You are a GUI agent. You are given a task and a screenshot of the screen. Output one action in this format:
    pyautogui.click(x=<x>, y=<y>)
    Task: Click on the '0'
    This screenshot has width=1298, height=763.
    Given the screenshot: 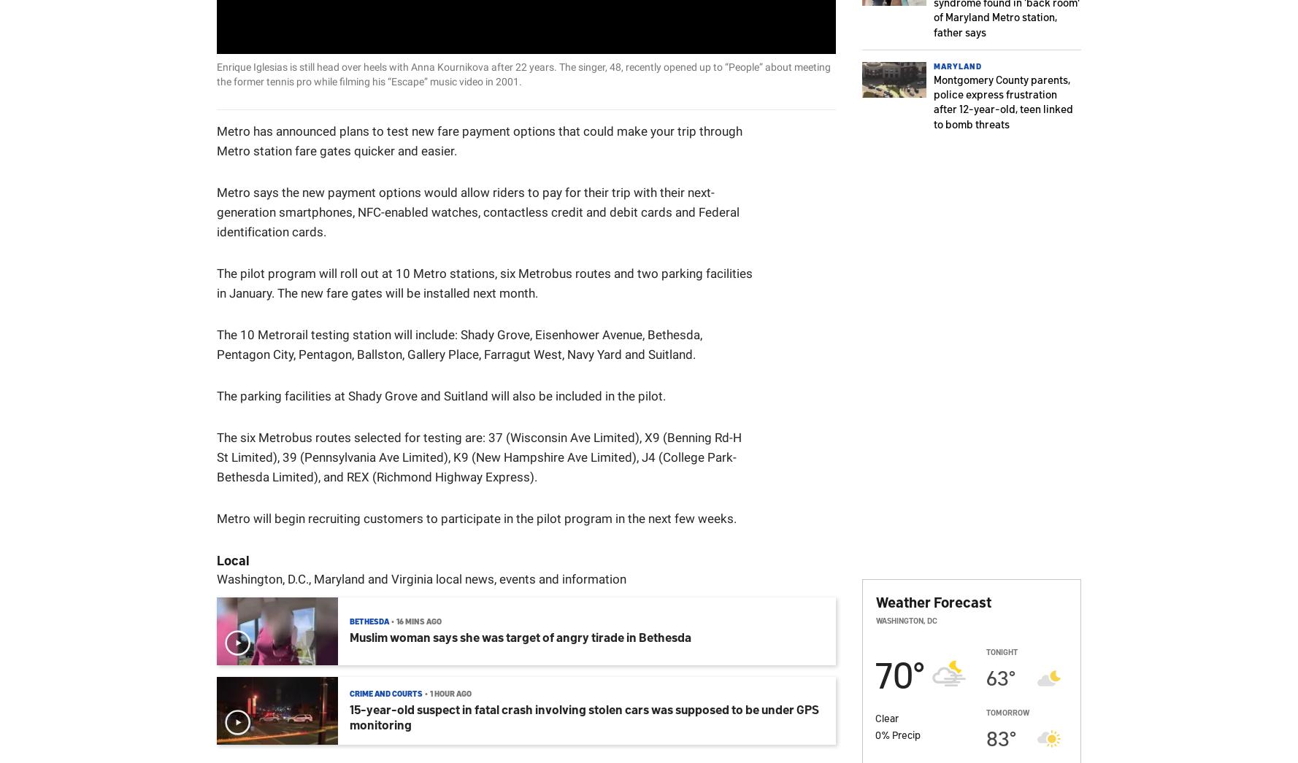 What is the action you would take?
    pyautogui.click(x=878, y=734)
    